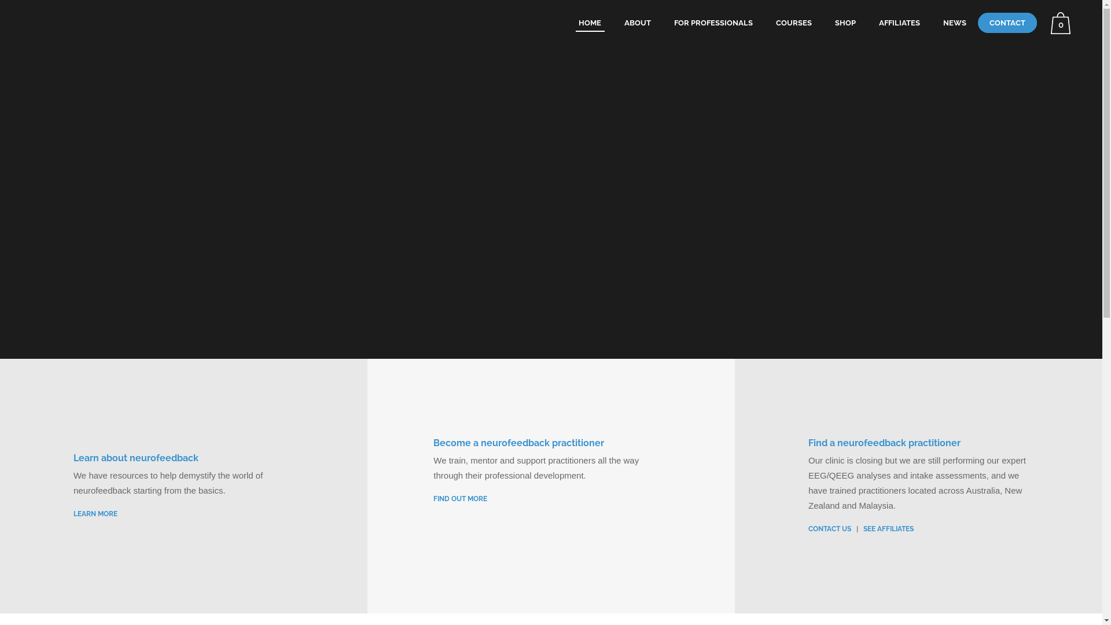 This screenshot has width=1111, height=625. Describe the element at coordinates (931, 23) in the screenshot. I see `'NEWS'` at that location.